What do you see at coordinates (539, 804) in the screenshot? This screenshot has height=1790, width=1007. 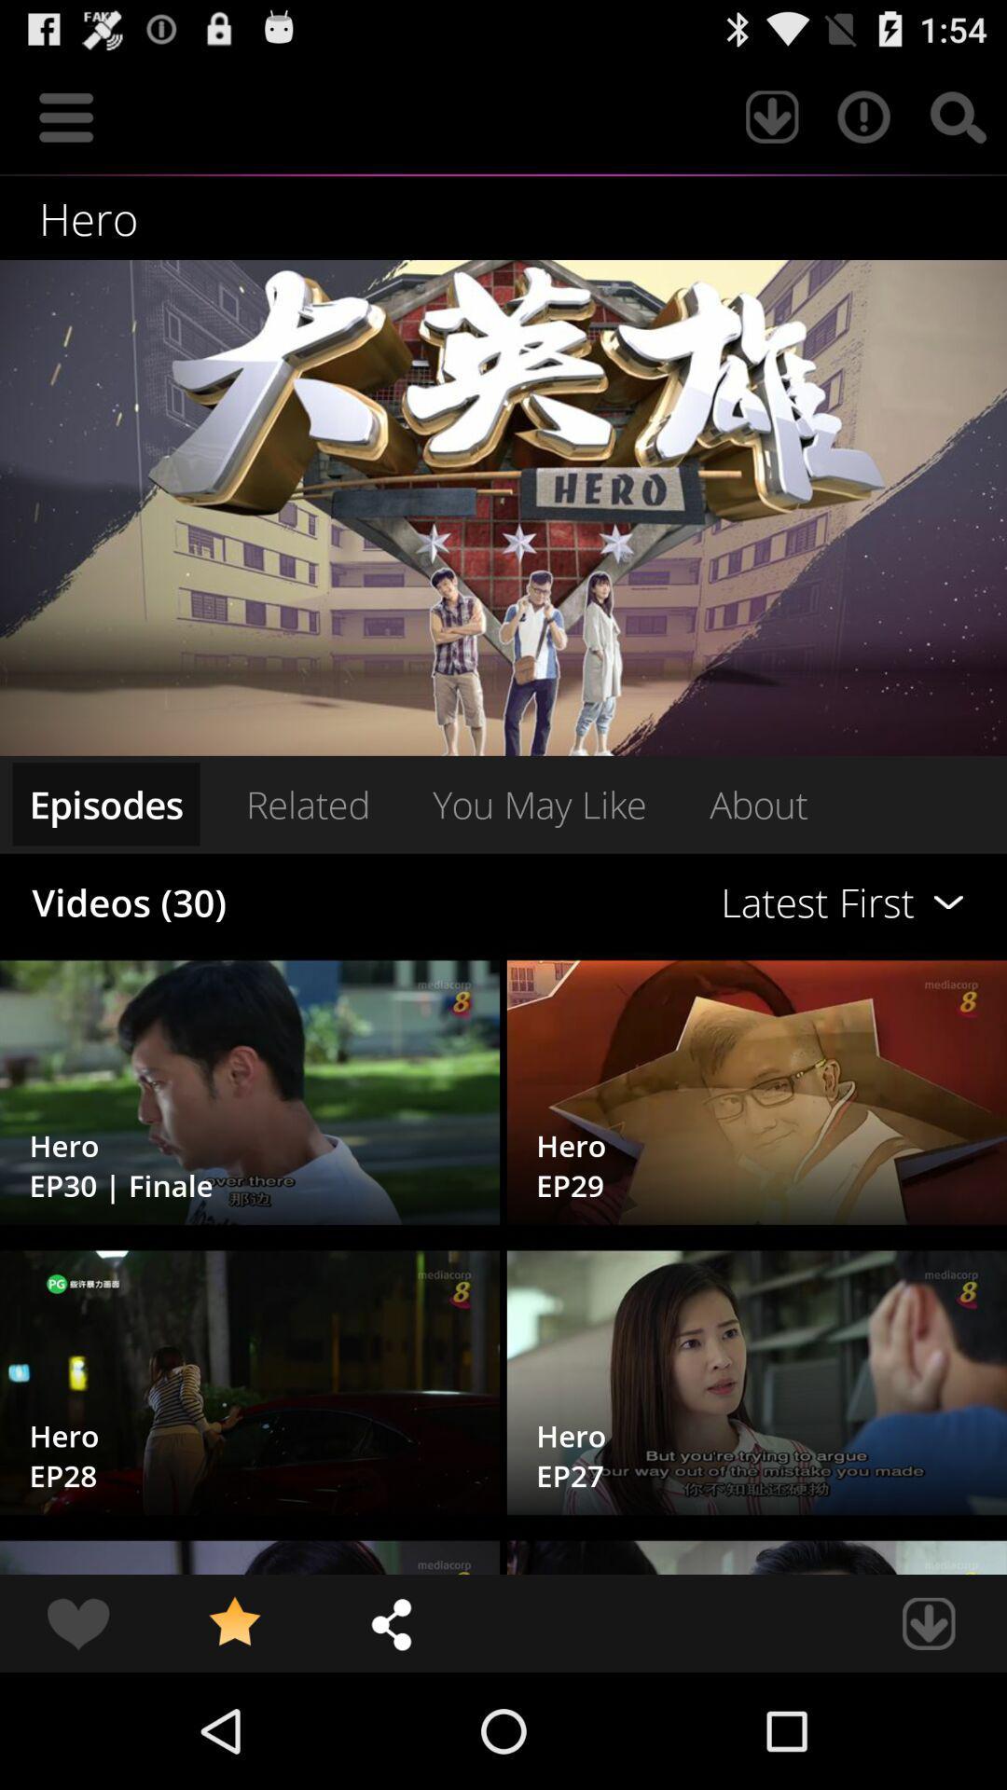 I see `icon at the center` at bounding box center [539, 804].